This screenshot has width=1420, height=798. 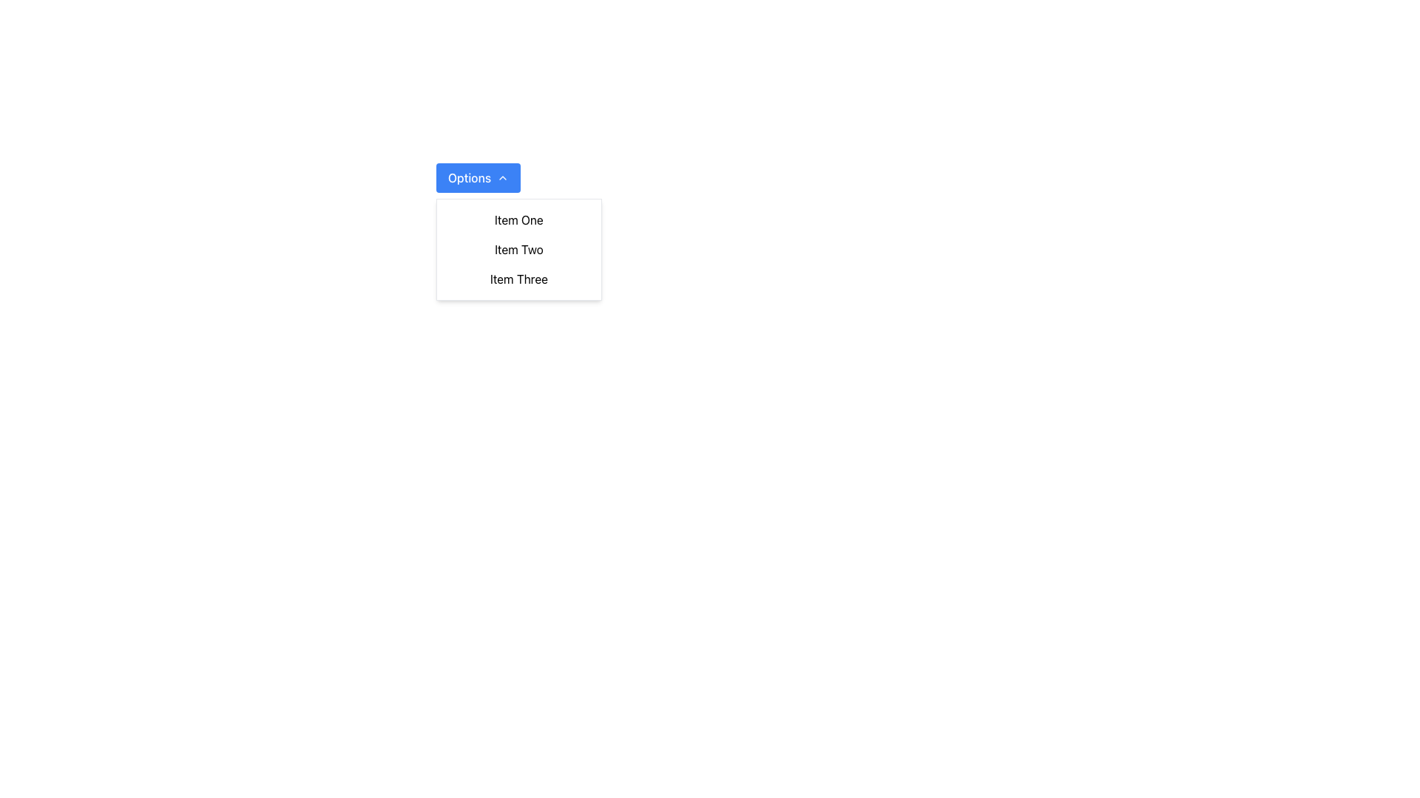 I want to click on the third option in the dropdown menu labeled 'Item Three', so click(x=518, y=279).